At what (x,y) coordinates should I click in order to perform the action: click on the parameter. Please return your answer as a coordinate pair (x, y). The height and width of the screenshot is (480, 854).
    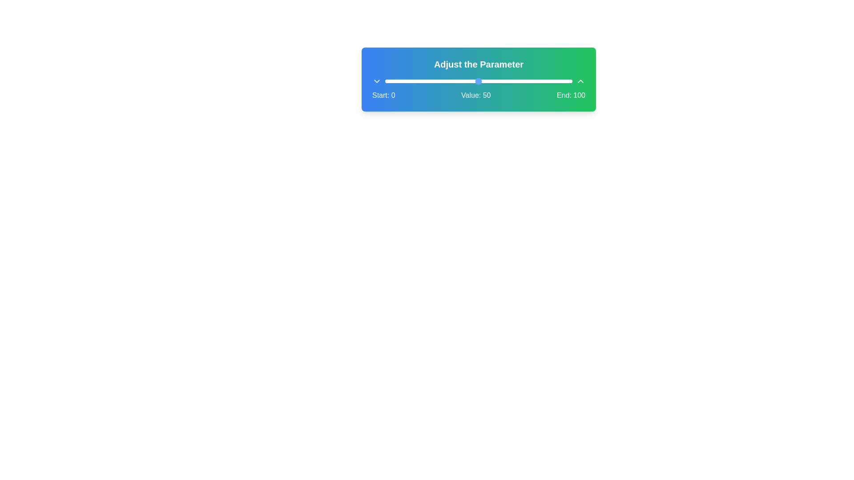
    Looking at the image, I should click on (486, 81).